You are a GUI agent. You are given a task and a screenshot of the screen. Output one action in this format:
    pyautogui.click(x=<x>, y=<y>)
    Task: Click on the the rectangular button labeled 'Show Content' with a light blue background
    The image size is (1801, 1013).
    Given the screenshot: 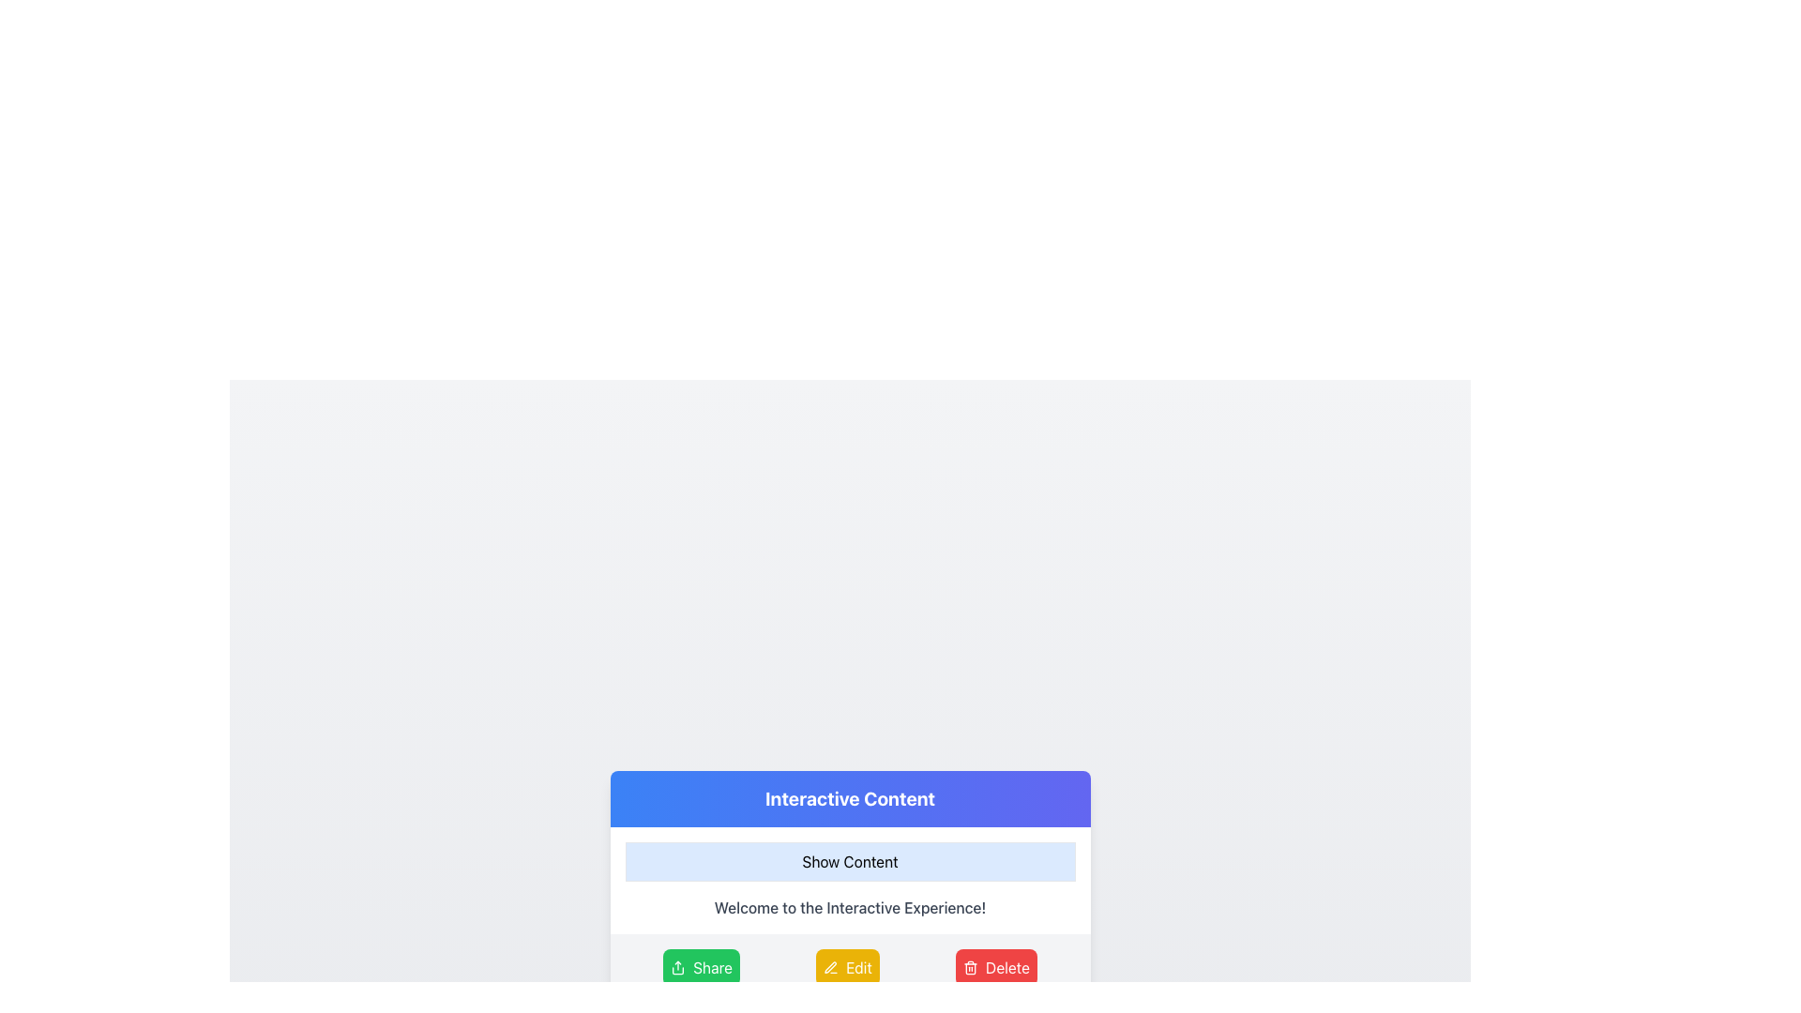 What is the action you would take?
    pyautogui.click(x=849, y=861)
    